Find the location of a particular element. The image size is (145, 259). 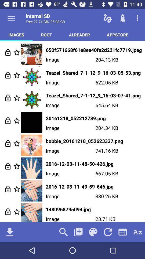

favorite is located at coordinates (17, 97).